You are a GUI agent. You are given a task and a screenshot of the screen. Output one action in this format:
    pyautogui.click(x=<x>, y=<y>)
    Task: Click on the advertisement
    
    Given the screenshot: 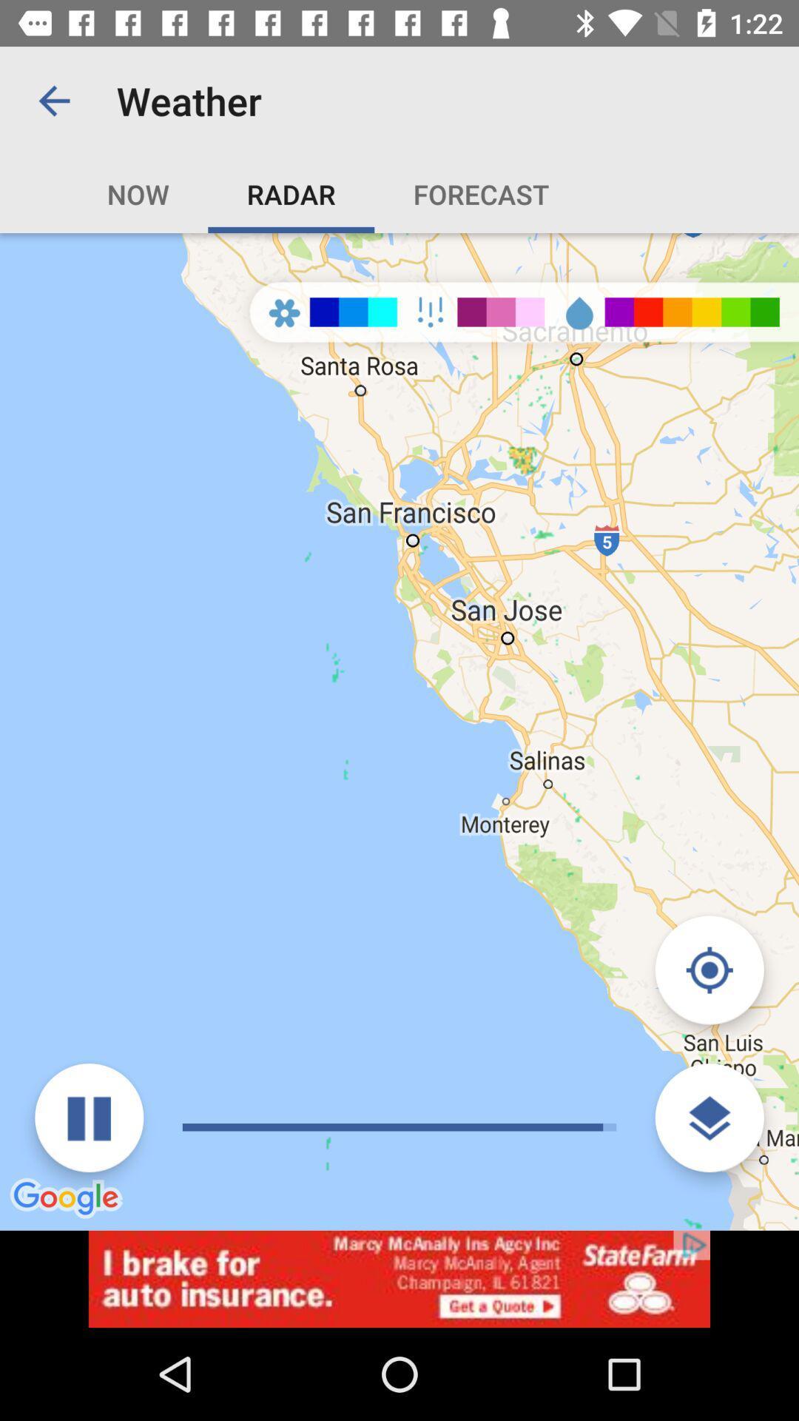 What is the action you would take?
    pyautogui.click(x=399, y=1278)
    